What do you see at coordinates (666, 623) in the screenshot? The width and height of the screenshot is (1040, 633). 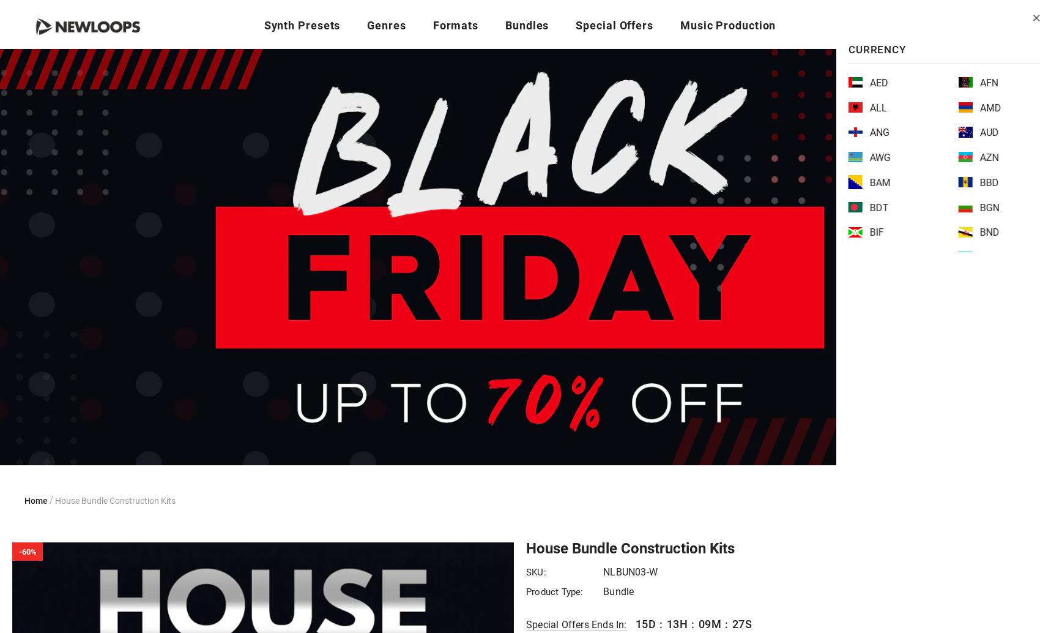 I see `'13'` at bounding box center [666, 623].